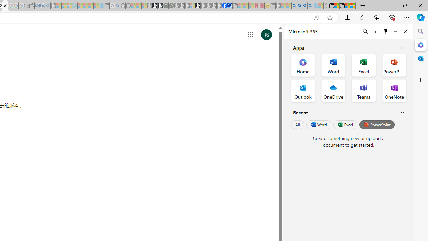 Image resolution: width=428 pixels, height=241 pixels. I want to click on 'Outlook Office App', so click(303, 91).